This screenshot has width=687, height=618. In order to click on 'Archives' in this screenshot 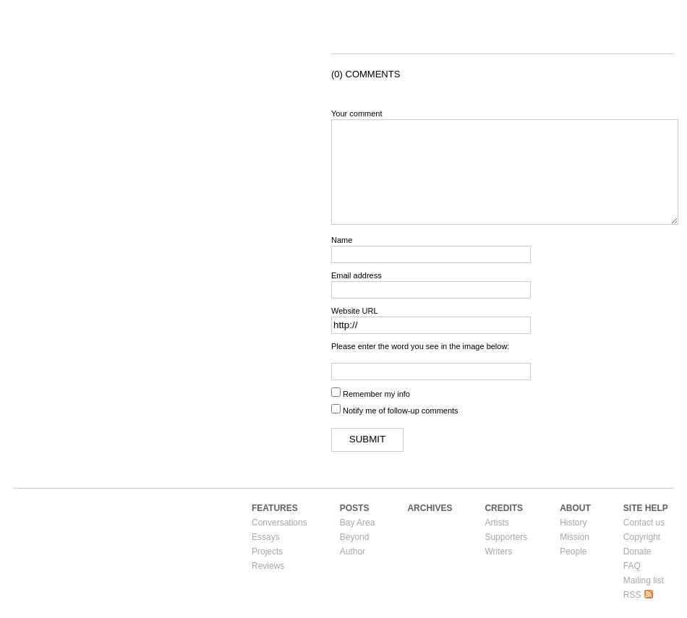, I will do `click(430, 507)`.